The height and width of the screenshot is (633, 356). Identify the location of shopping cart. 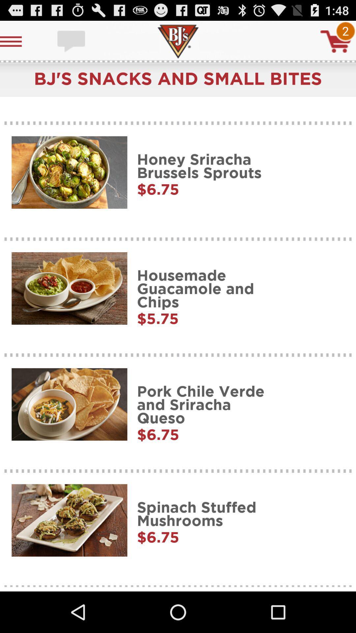
(336, 41).